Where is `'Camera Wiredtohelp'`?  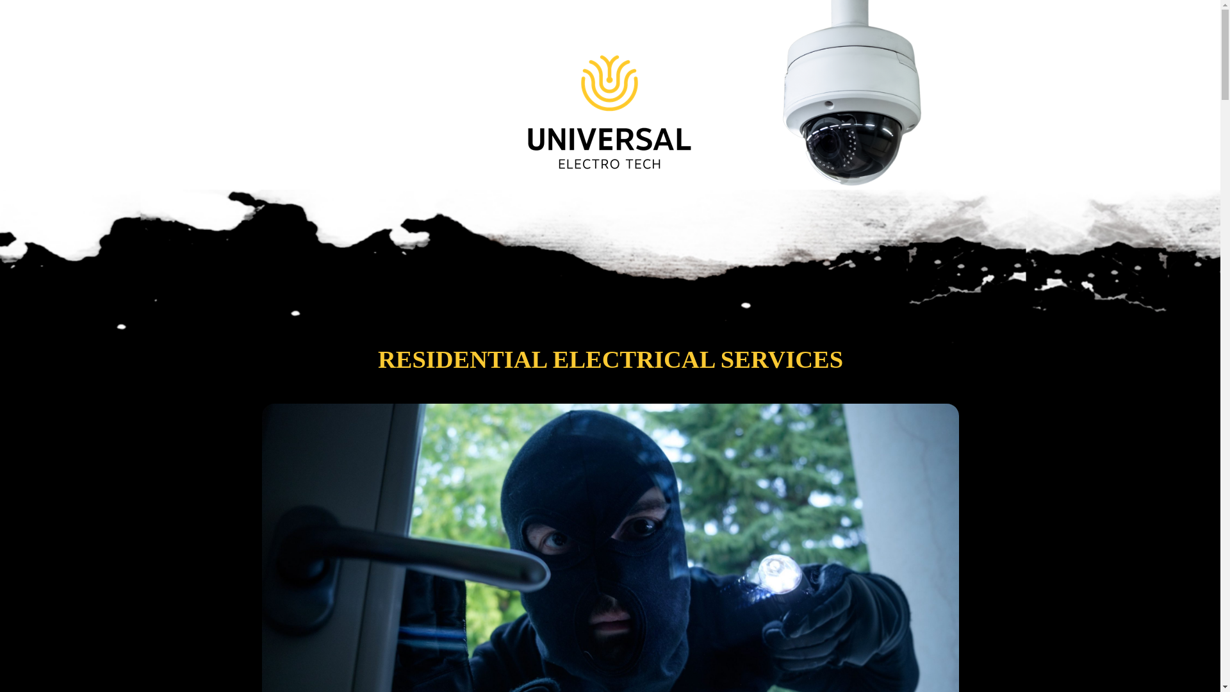 'Camera Wiredtohelp' is located at coordinates (858, 93).